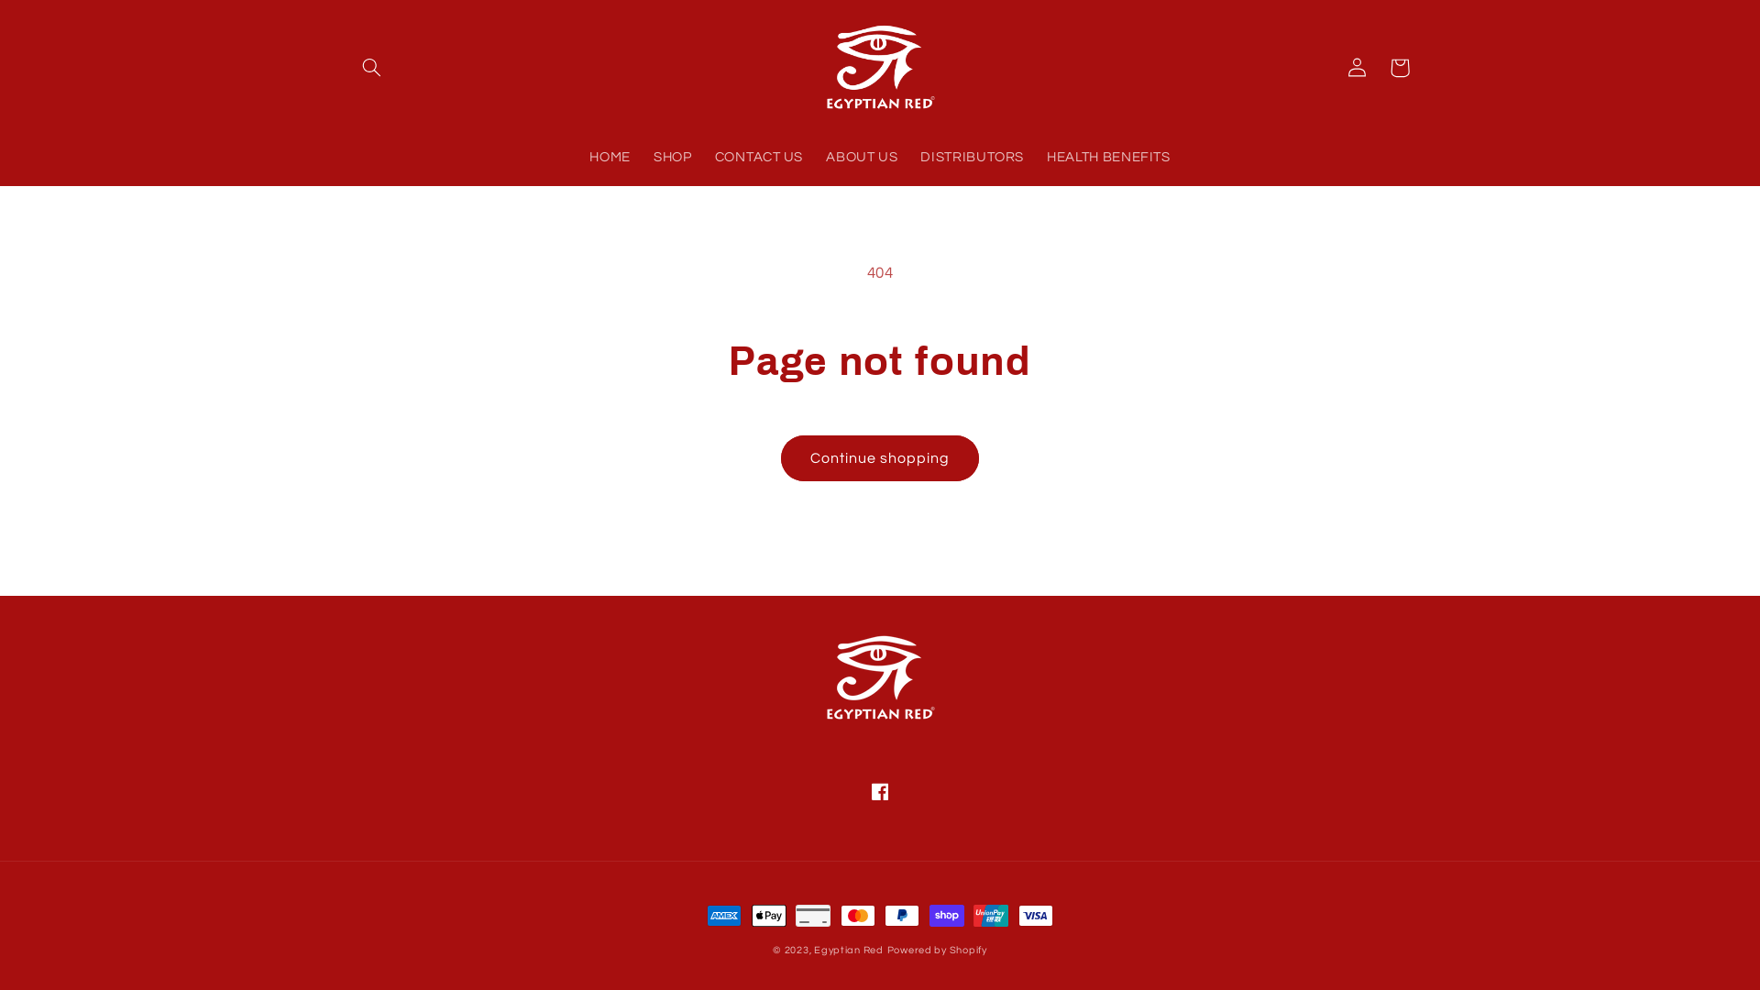 The width and height of the screenshot is (1760, 990). What do you see at coordinates (610, 158) in the screenshot?
I see `'HOME'` at bounding box center [610, 158].